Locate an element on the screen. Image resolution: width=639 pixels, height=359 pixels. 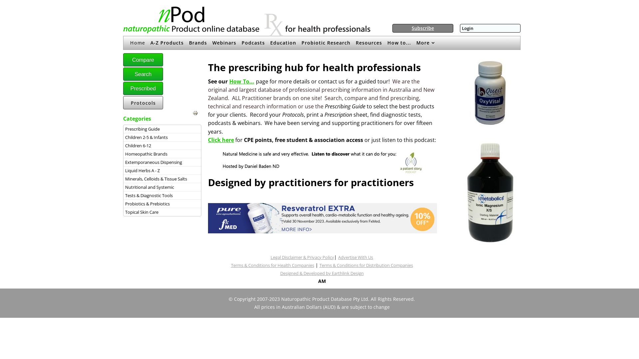
'Brands' is located at coordinates (198, 43).